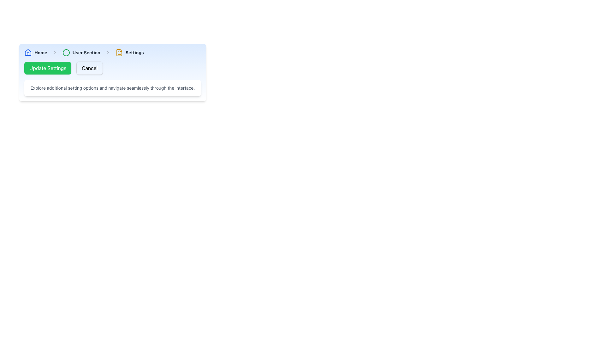  What do you see at coordinates (35, 52) in the screenshot?
I see `the 'Home' breadcrumb navigation item, which consists of a blue house icon and bold gray text` at bounding box center [35, 52].